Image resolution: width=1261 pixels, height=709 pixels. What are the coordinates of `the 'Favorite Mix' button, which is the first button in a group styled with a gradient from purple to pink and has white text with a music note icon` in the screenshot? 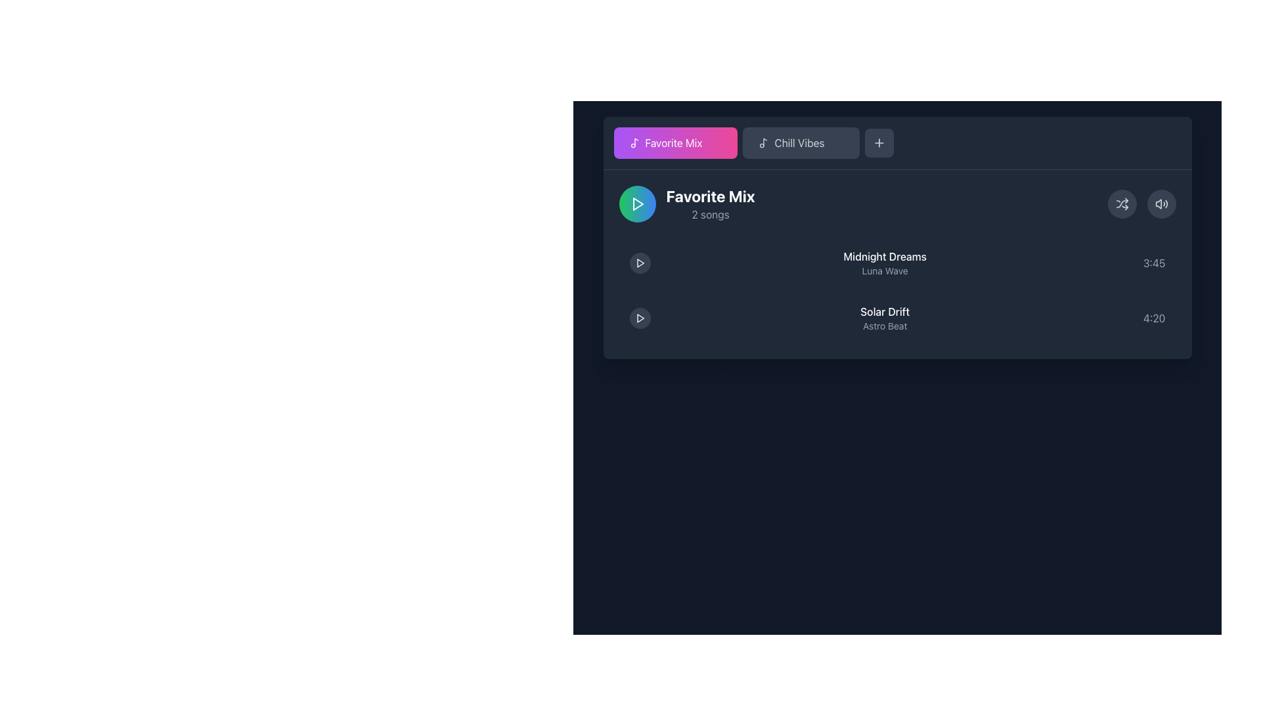 It's located at (675, 143).